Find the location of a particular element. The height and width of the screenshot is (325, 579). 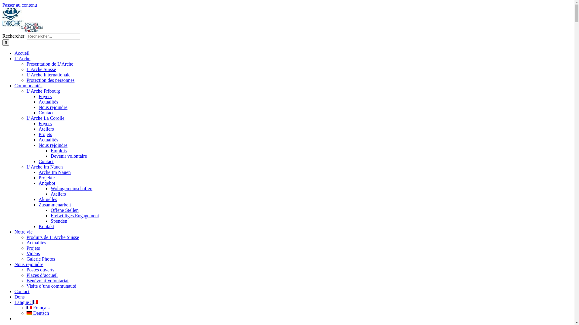

'Zusammenarbeit' is located at coordinates (55, 204).